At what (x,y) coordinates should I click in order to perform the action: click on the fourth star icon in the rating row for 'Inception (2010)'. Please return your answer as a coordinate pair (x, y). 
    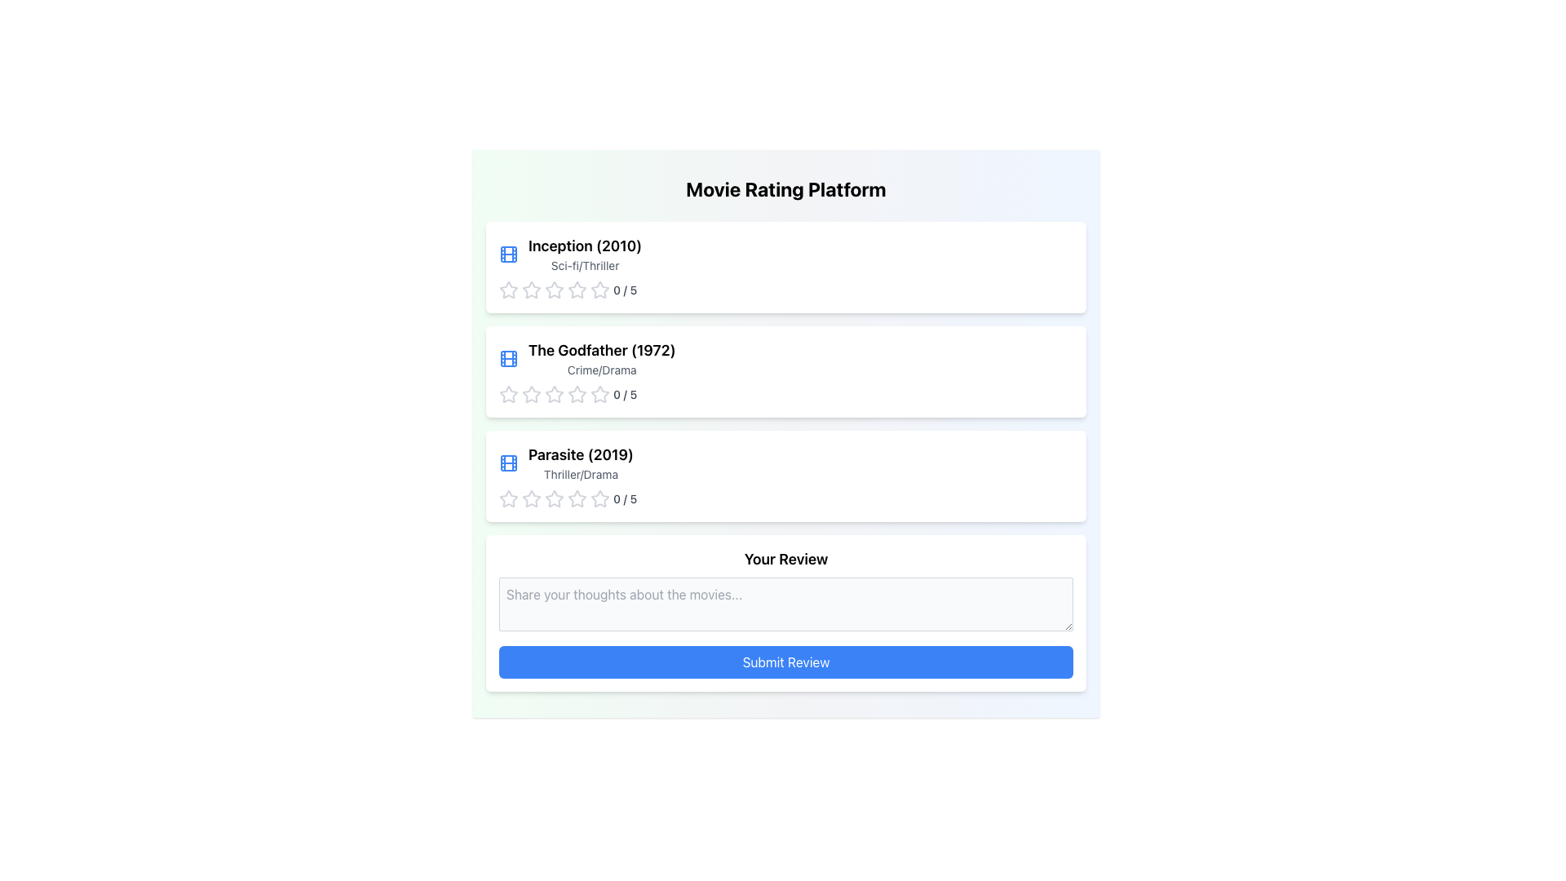
    Looking at the image, I should click on (577, 289).